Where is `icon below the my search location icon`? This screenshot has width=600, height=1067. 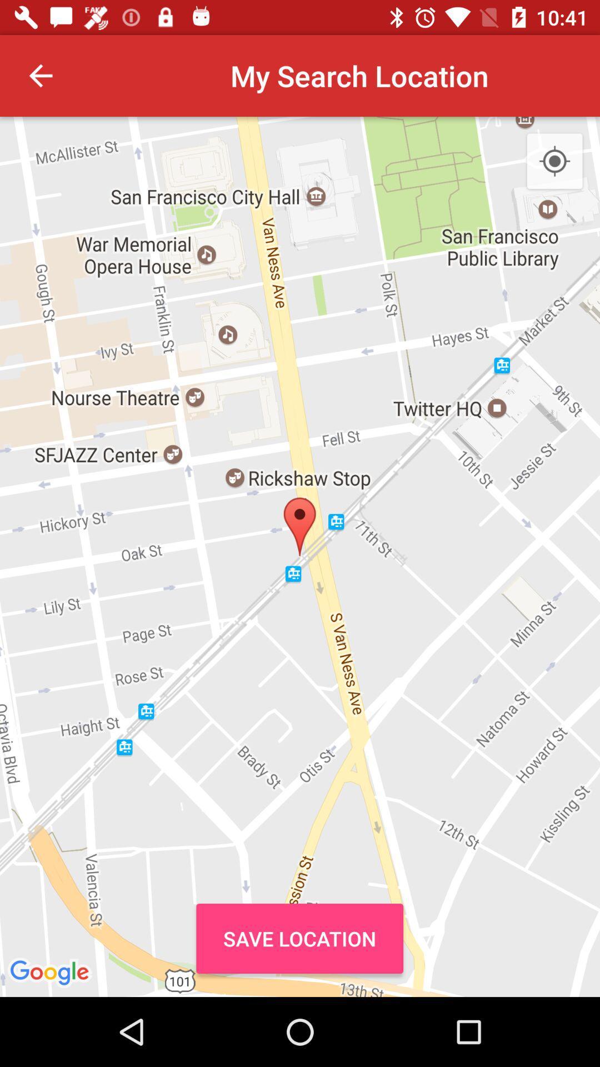
icon below the my search location icon is located at coordinates (299, 938).